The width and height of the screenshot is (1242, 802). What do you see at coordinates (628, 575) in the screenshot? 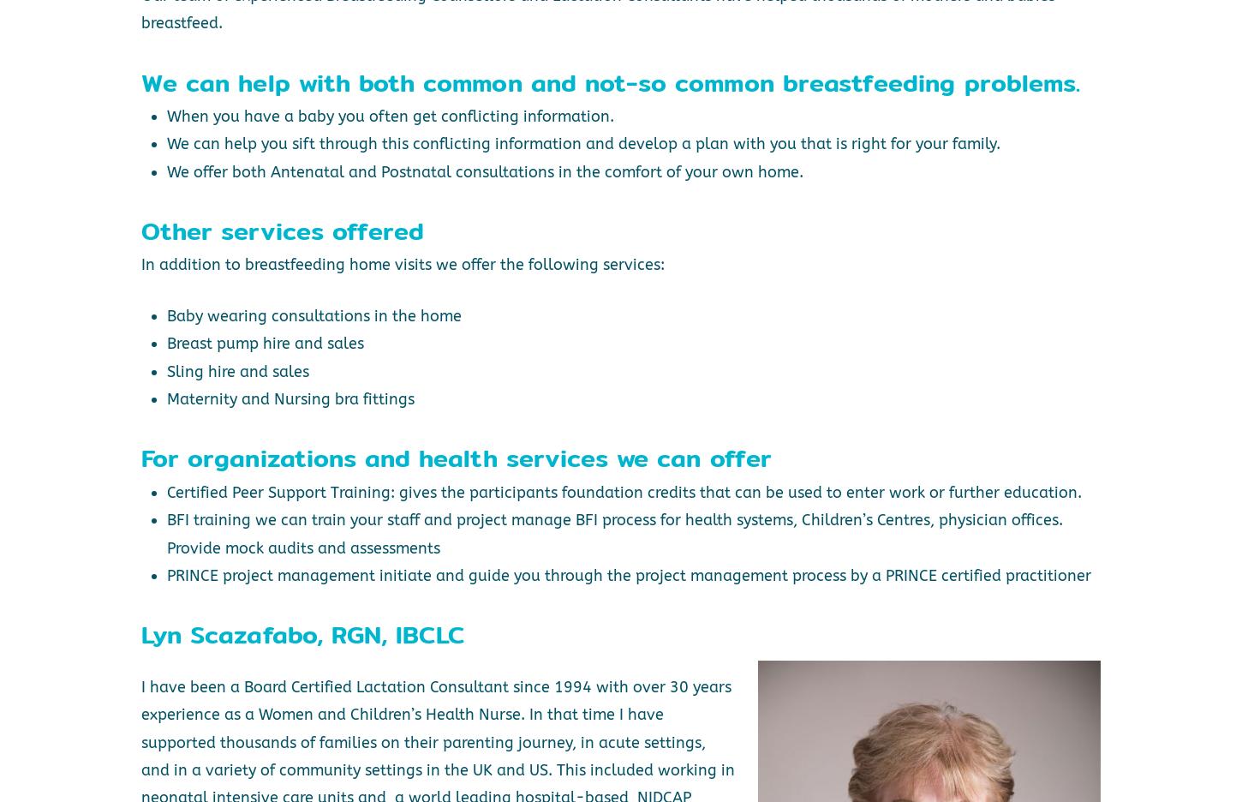
I see `'PRINCE project management initiate and guide you through the project management process by a PRINCE certified practitioner'` at bounding box center [628, 575].